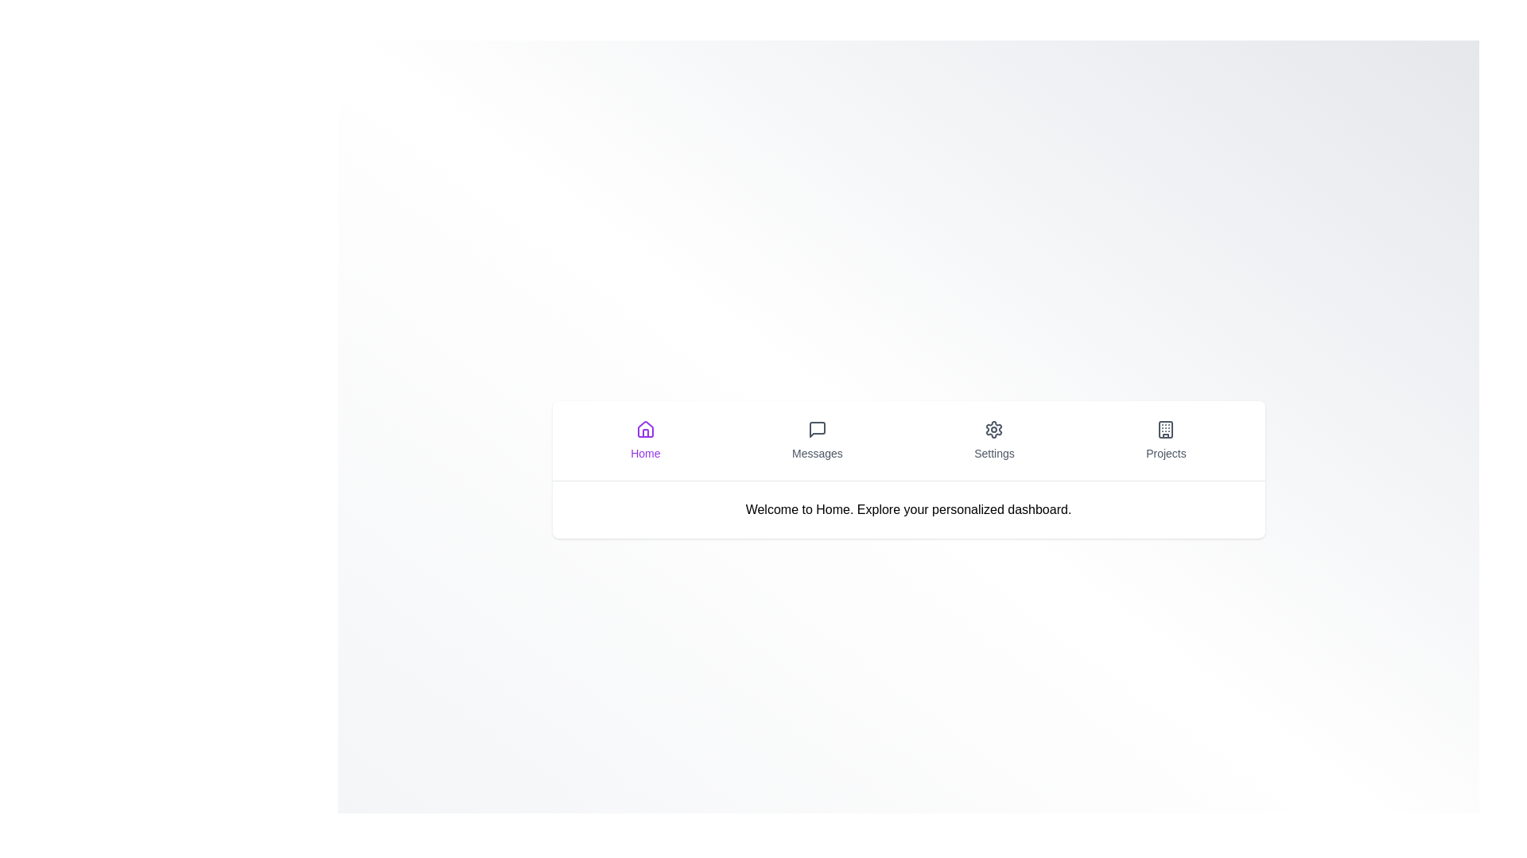  I want to click on the Messages tab by clicking on its icon or label, so click(817, 440).